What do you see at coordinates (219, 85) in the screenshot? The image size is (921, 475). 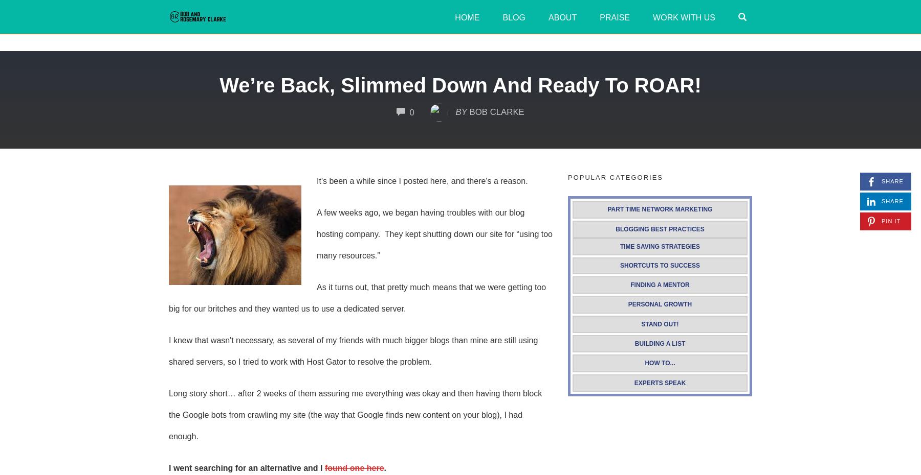 I see `'We’re Back, Slimmed Down And Ready To ROAR!'` at bounding box center [219, 85].